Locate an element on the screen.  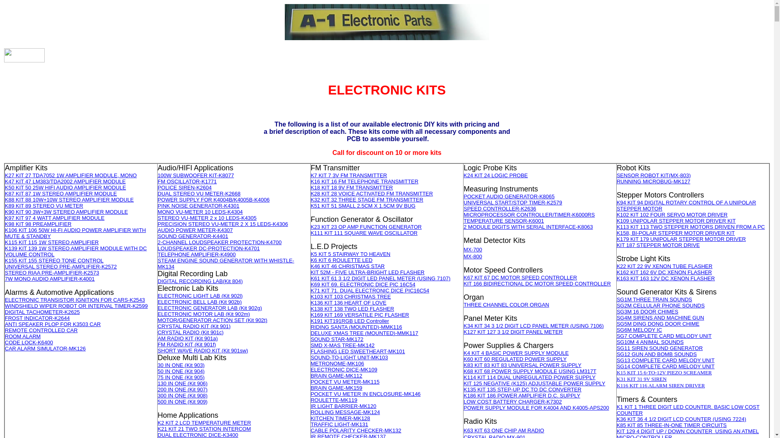
'ELECTRONIC BELL LAB (Kit 902b)' is located at coordinates (199, 302).